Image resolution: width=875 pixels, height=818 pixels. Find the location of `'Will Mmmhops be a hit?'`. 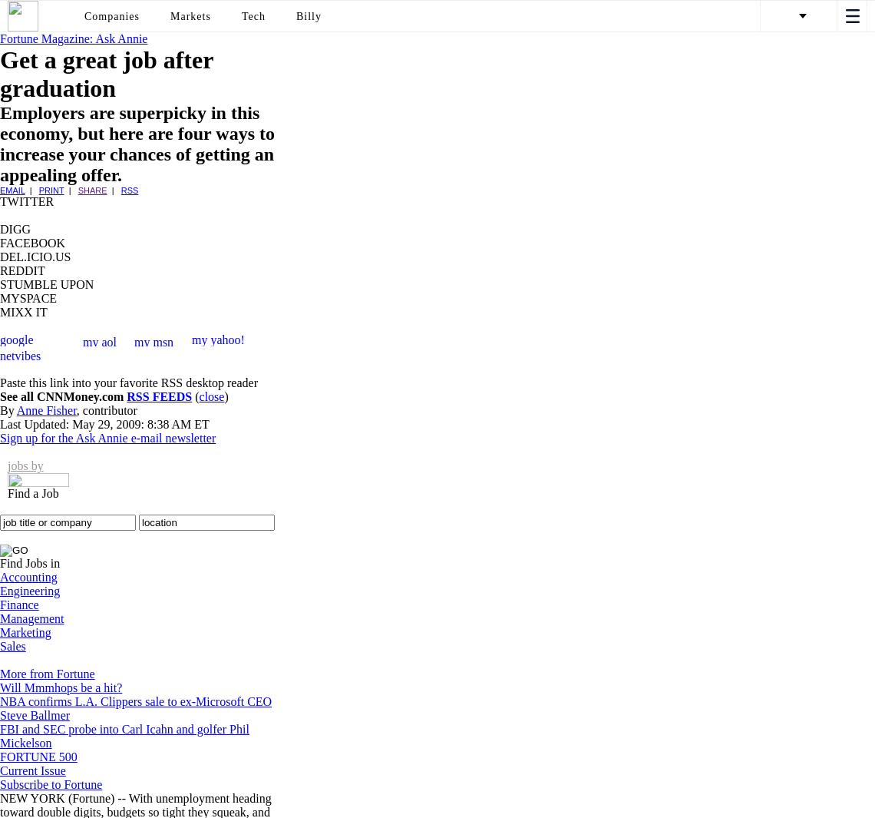

'Will Mmmhops be a hit?' is located at coordinates (60, 687).